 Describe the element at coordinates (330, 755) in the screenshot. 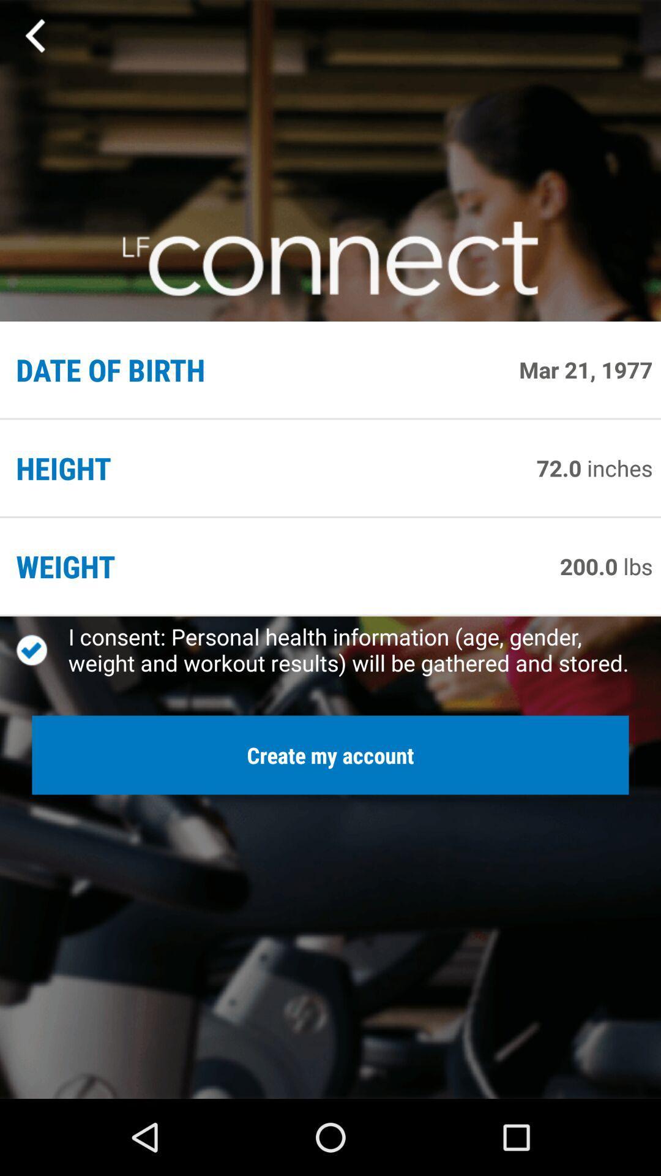

I see `the create my account item` at that location.